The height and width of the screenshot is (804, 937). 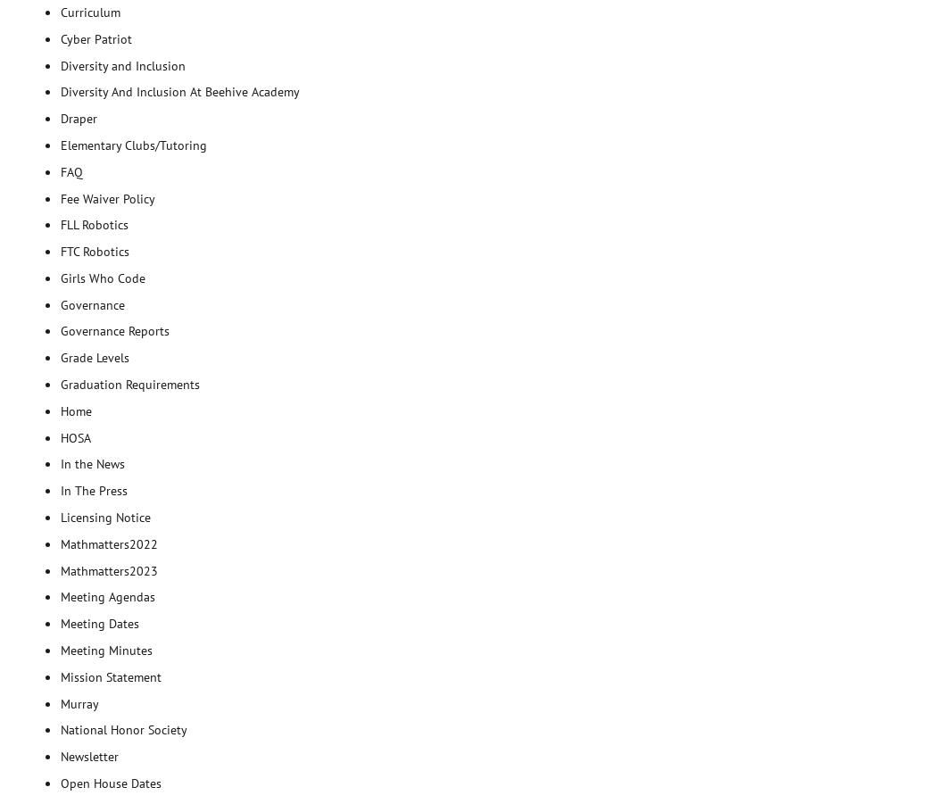 I want to click on 'Meeting Minutes', so click(x=60, y=649).